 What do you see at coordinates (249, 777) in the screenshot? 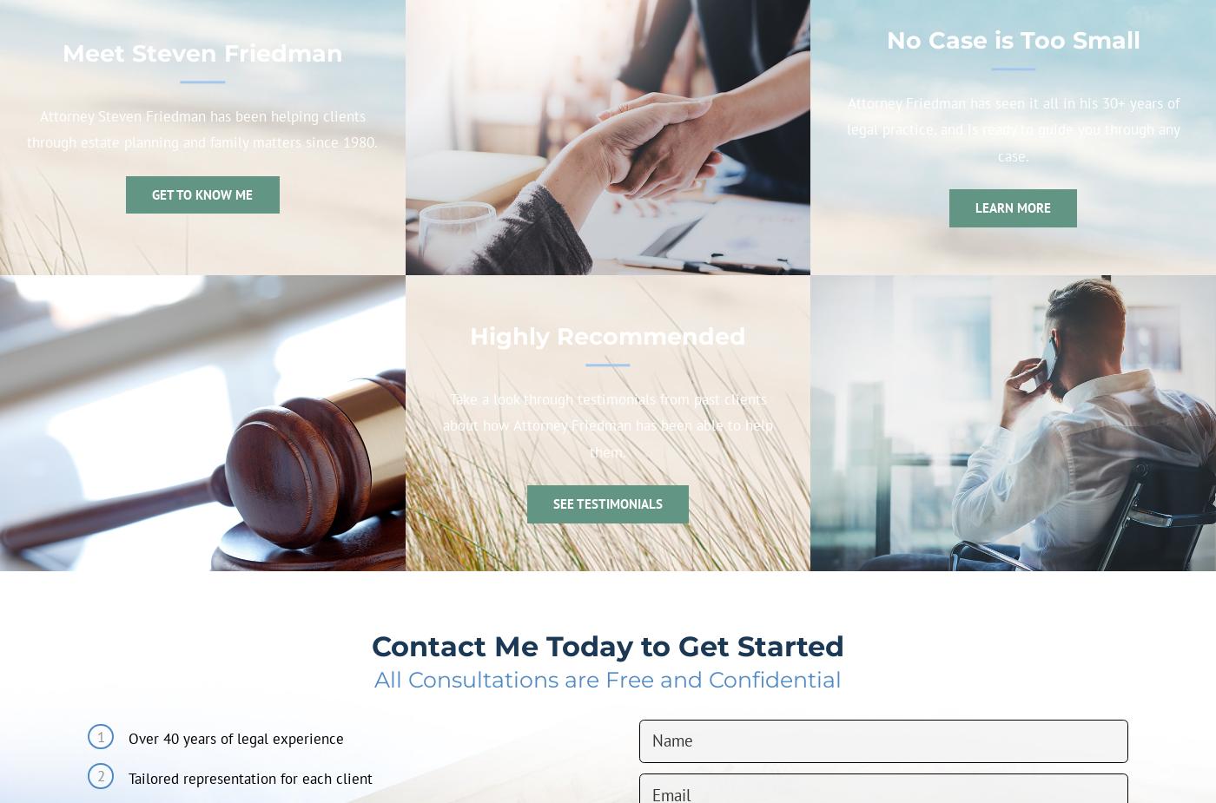
I see `'Tailored representation for each client'` at bounding box center [249, 777].